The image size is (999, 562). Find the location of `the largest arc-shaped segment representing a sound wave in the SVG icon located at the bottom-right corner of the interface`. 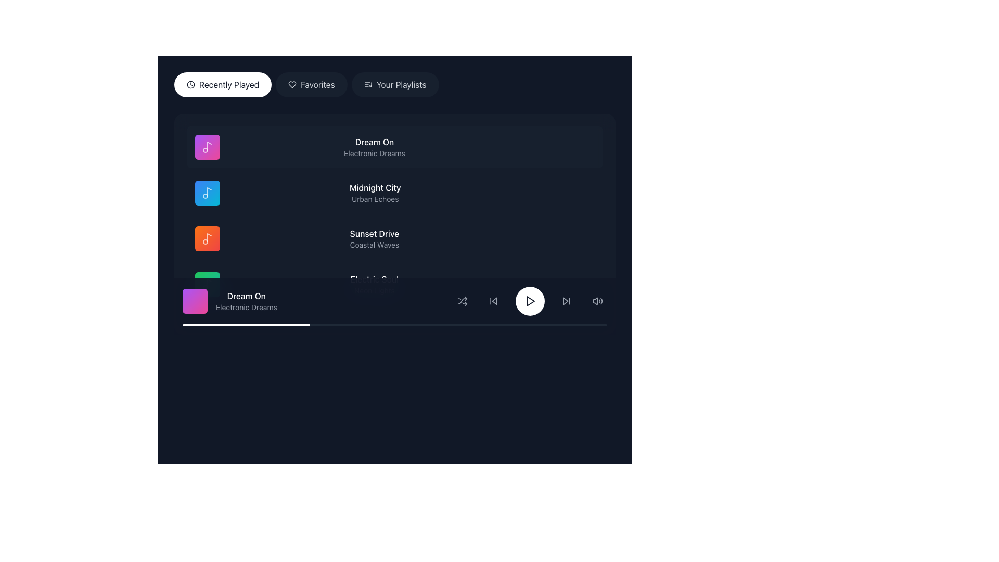

the largest arc-shaped segment representing a sound wave in the SVG icon located at the bottom-right corner of the interface is located at coordinates (601, 301).